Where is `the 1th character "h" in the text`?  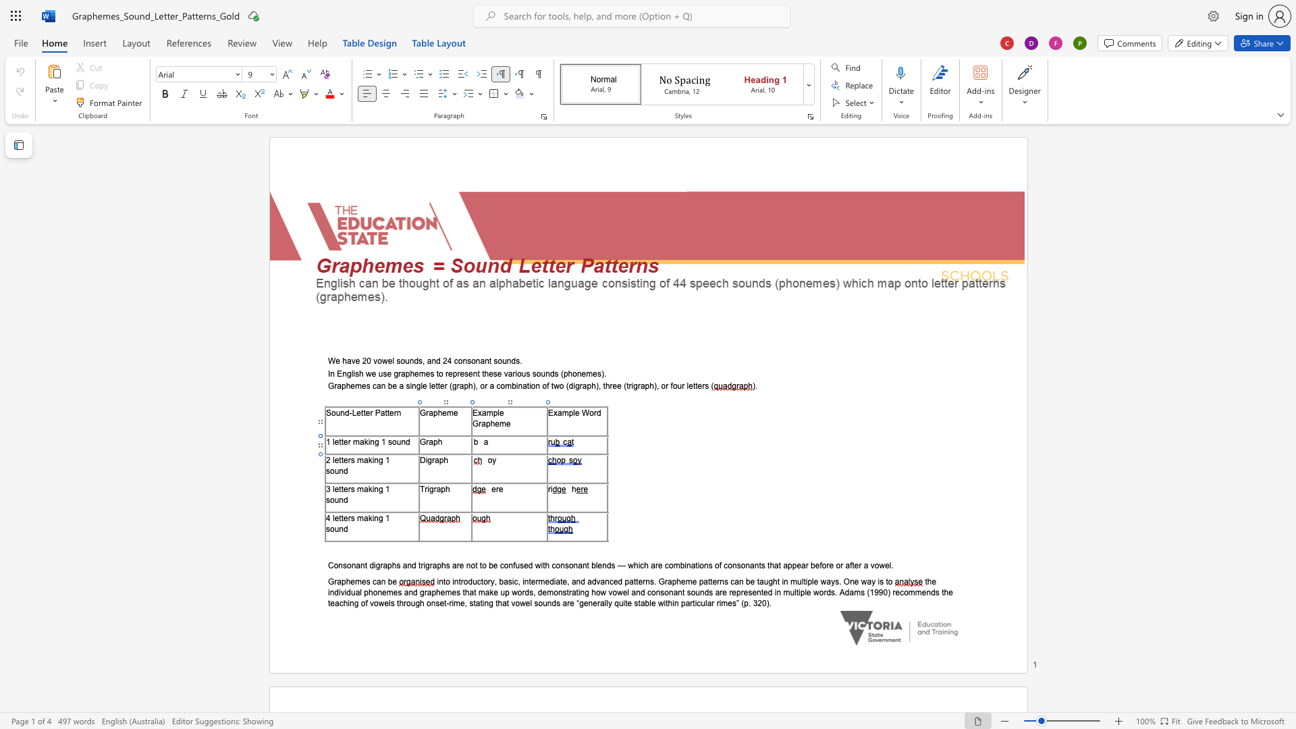
the 1th character "h" in the text is located at coordinates (446, 459).